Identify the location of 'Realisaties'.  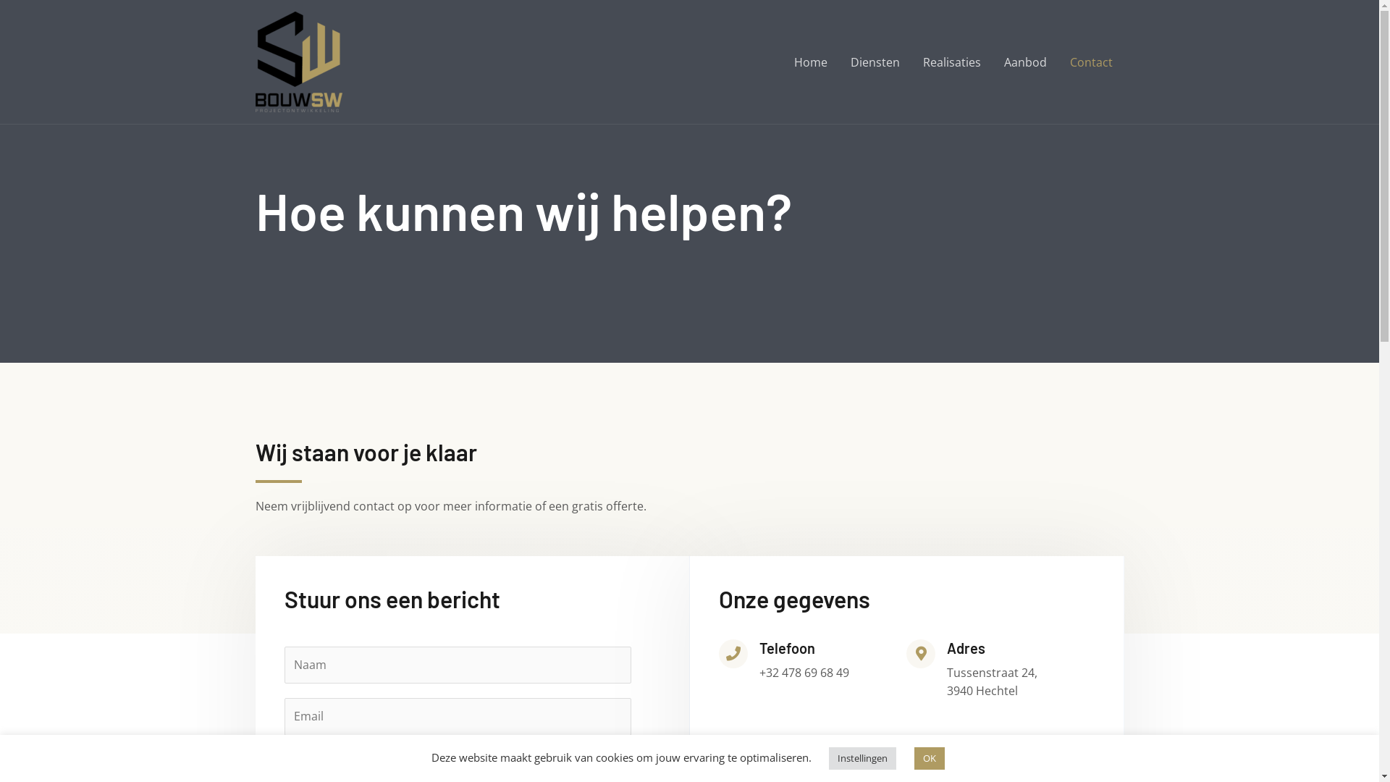
(951, 60).